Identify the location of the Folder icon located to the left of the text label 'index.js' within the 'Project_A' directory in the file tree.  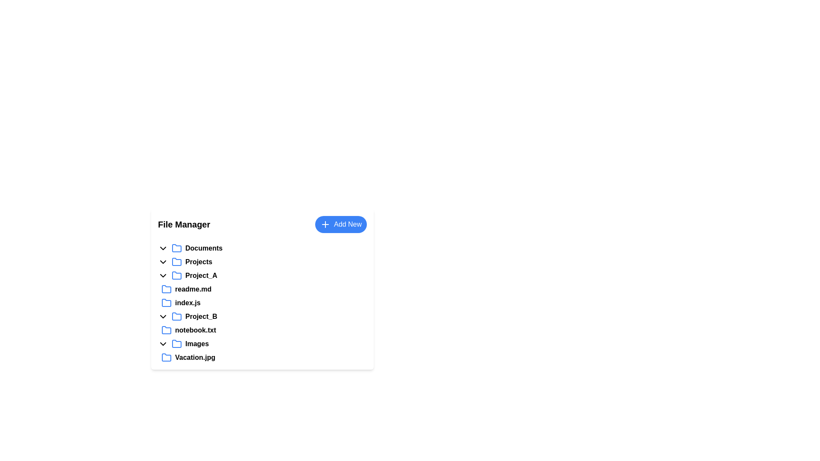
(166, 302).